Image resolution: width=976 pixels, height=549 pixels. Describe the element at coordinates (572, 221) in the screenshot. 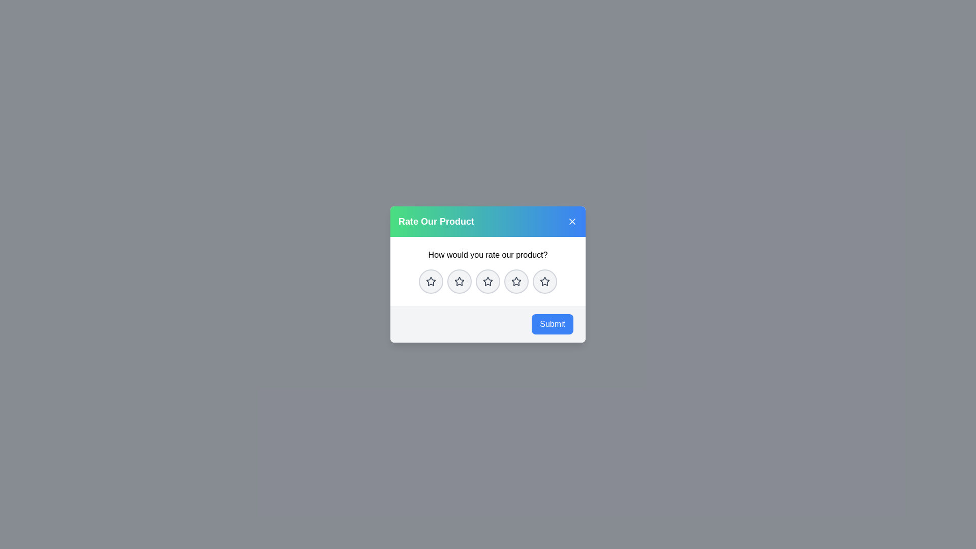

I see `close button in the top-right corner of the dialog` at that location.